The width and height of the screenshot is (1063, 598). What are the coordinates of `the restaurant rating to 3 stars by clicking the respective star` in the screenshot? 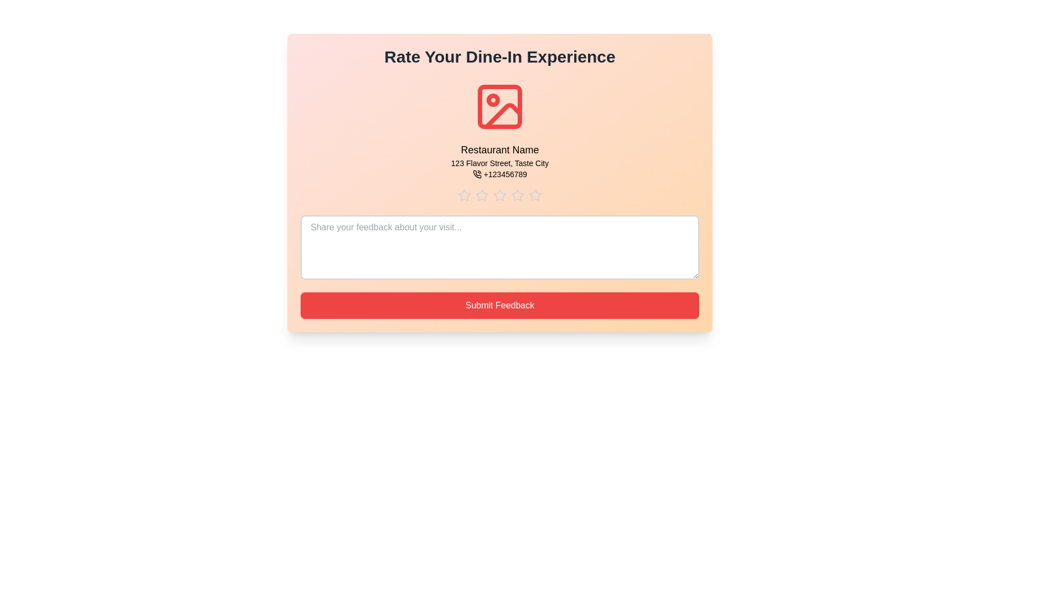 It's located at (499, 195).